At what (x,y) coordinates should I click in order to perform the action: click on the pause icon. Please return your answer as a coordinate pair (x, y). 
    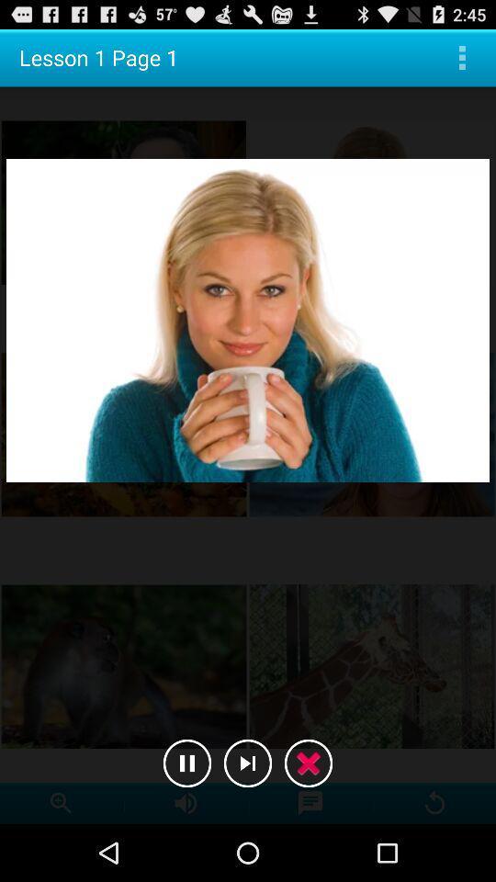
    Looking at the image, I should click on (186, 816).